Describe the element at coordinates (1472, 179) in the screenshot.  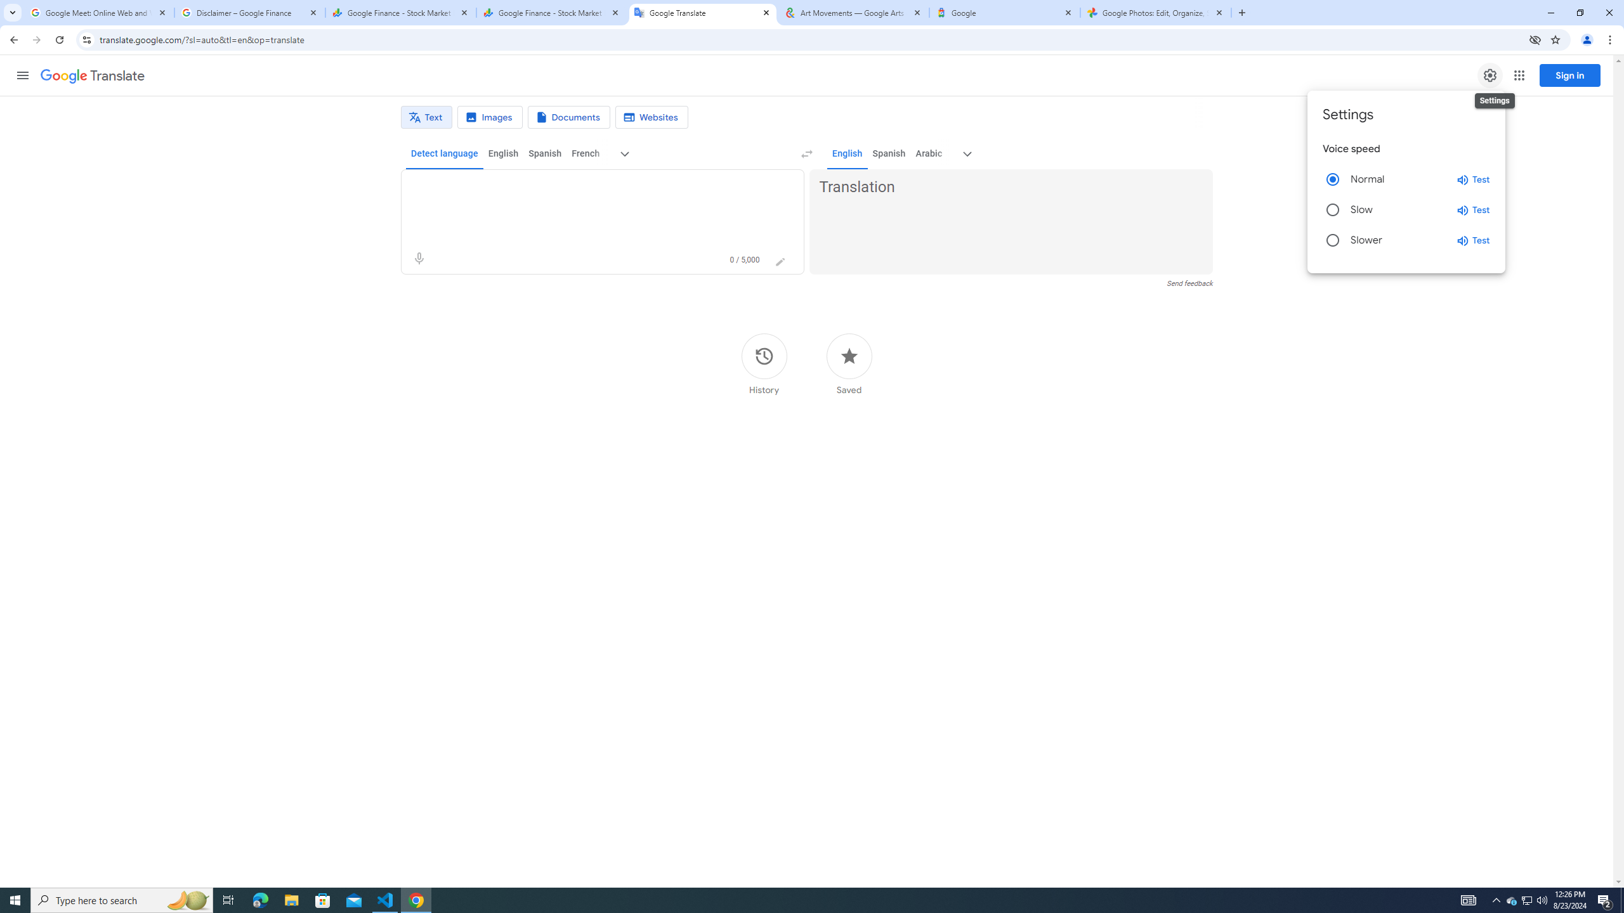
I see `'Test normal speed'` at that location.